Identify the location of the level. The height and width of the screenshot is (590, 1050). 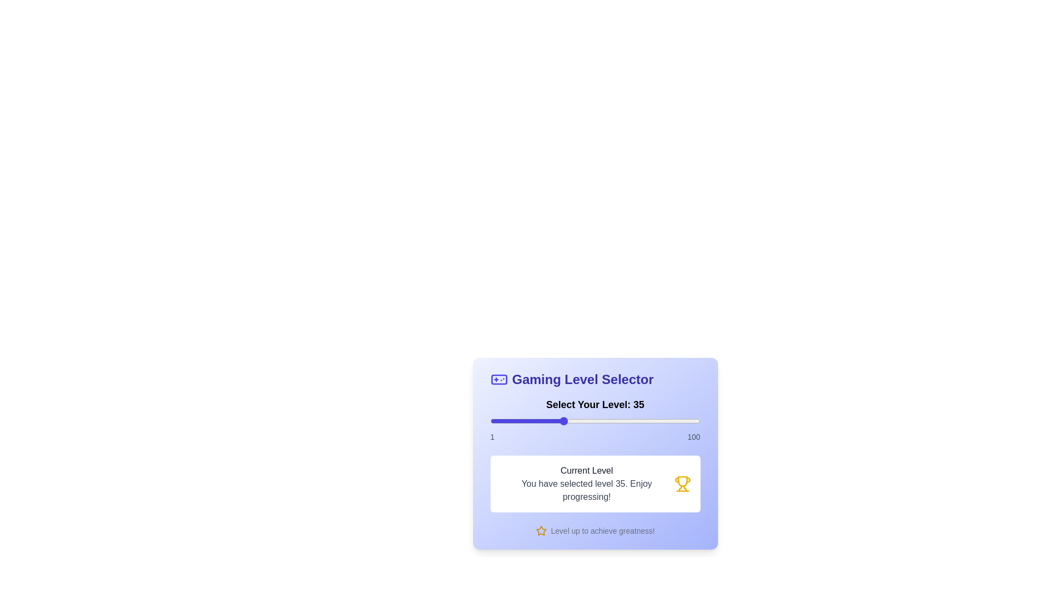
(528, 421).